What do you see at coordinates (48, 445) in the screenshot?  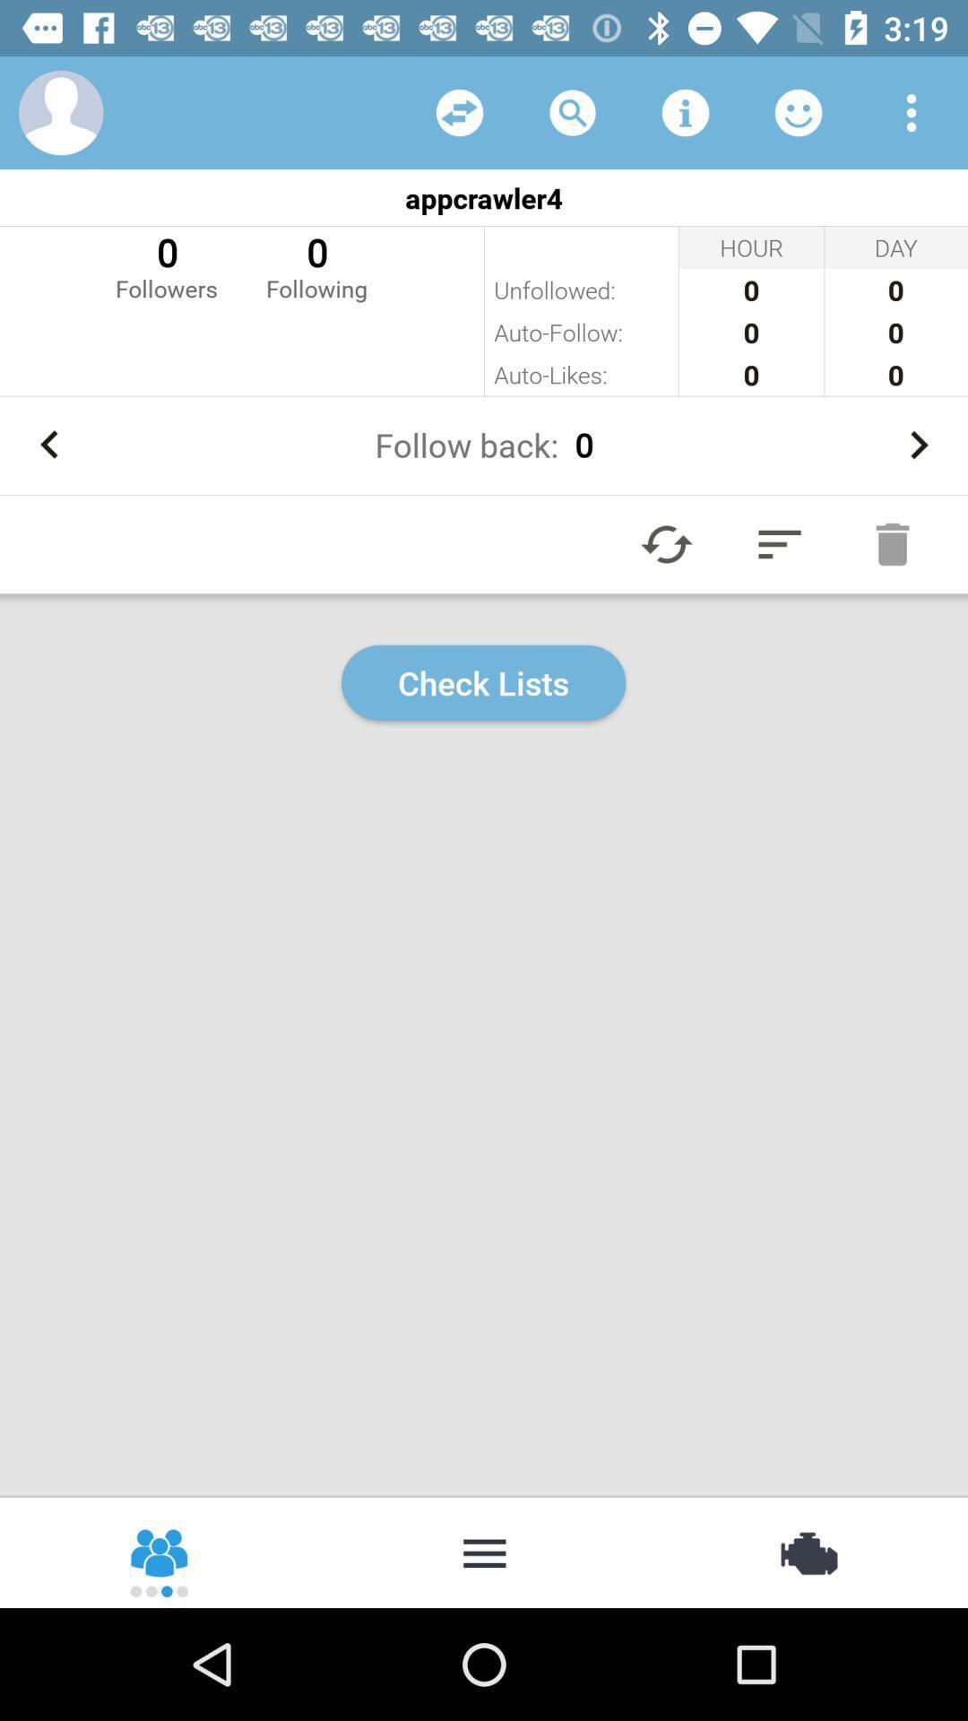 I see `the arrow_backward icon` at bounding box center [48, 445].